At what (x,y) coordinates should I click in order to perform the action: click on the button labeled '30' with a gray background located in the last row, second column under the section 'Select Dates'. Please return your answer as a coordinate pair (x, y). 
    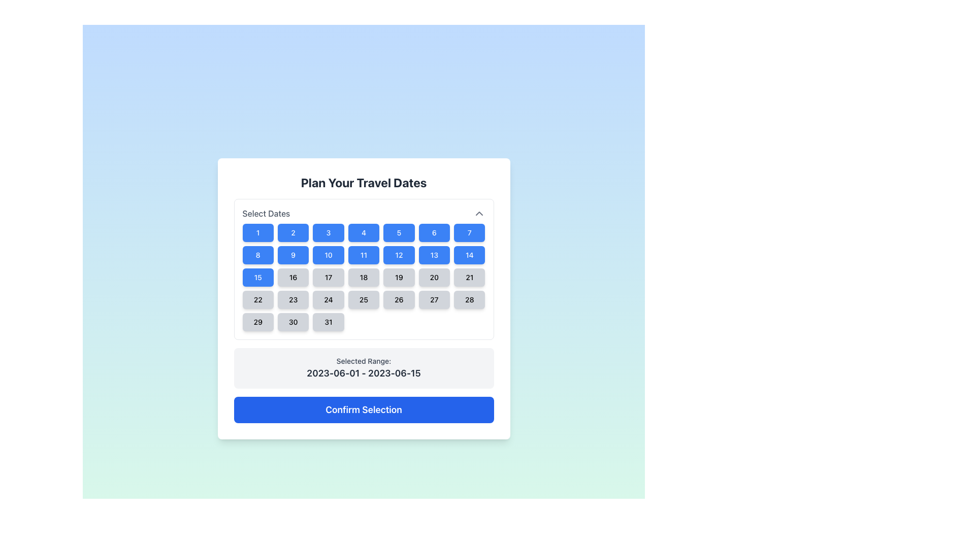
    Looking at the image, I should click on (292, 322).